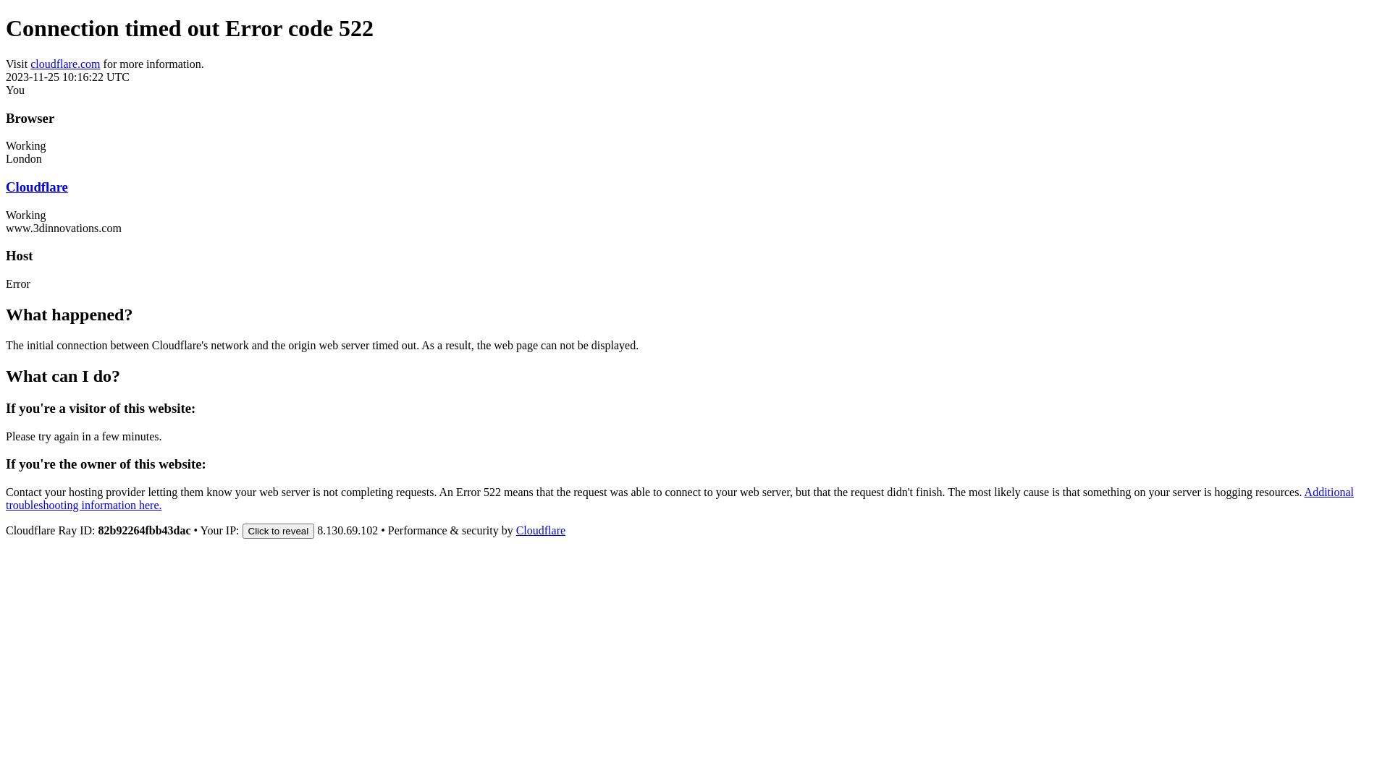 Image resolution: width=1390 pixels, height=781 pixels. What do you see at coordinates (278, 531) in the screenshot?
I see `'Click to reveal'` at bounding box center [278, 531].